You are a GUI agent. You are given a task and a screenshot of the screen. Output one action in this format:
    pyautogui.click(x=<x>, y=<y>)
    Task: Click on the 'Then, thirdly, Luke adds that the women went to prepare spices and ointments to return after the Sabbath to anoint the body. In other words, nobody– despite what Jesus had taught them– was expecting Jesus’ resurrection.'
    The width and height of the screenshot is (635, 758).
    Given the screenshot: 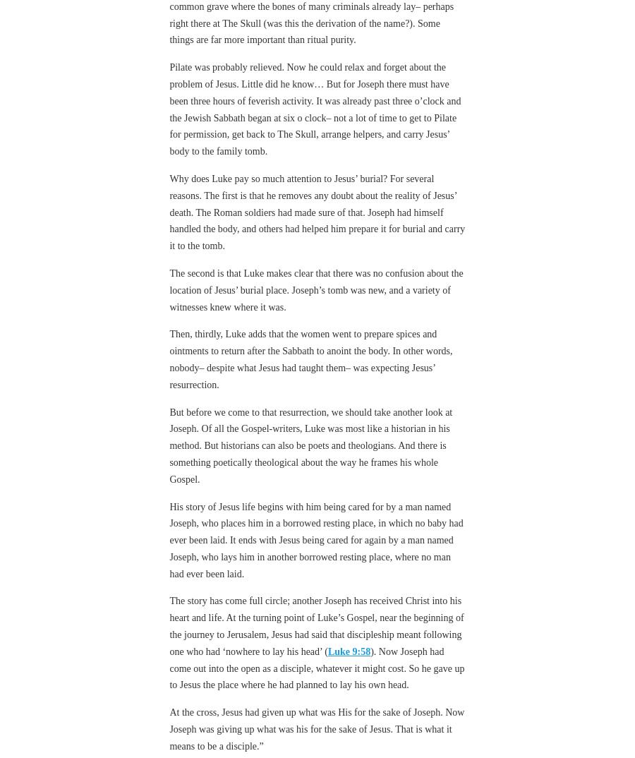 What is the action you would take?
    pyautogui.click(x=310, y=359)
    